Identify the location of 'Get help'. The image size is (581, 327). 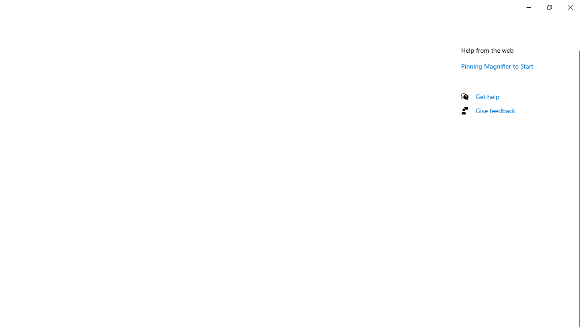
(487, 96).